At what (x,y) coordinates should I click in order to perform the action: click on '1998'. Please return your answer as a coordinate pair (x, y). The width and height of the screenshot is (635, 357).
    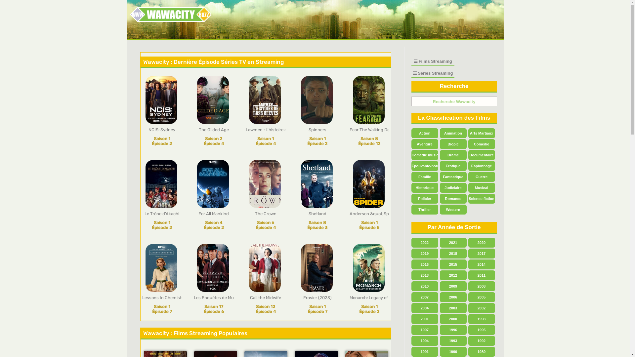
    Looking at the image, I should click on (482, 318).